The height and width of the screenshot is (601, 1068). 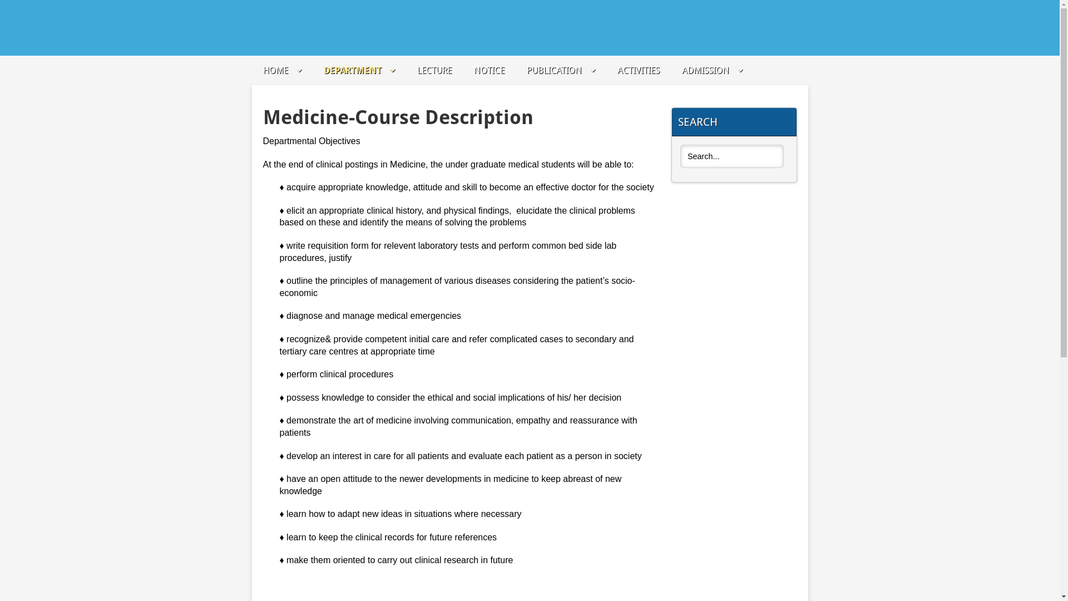 I want to click on 'LECTURE', so click(x=434, y=70).